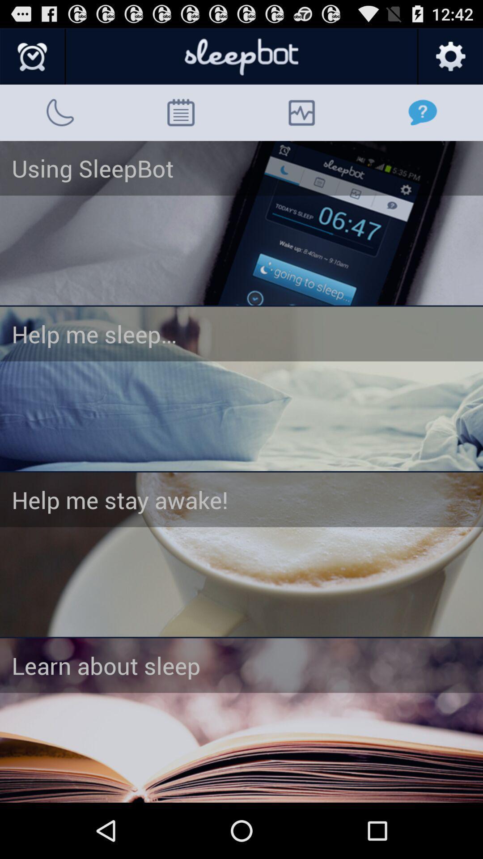  Describe the element at coordinates (241, 720) in the screenshot. I see `learn about sleep` at that location.